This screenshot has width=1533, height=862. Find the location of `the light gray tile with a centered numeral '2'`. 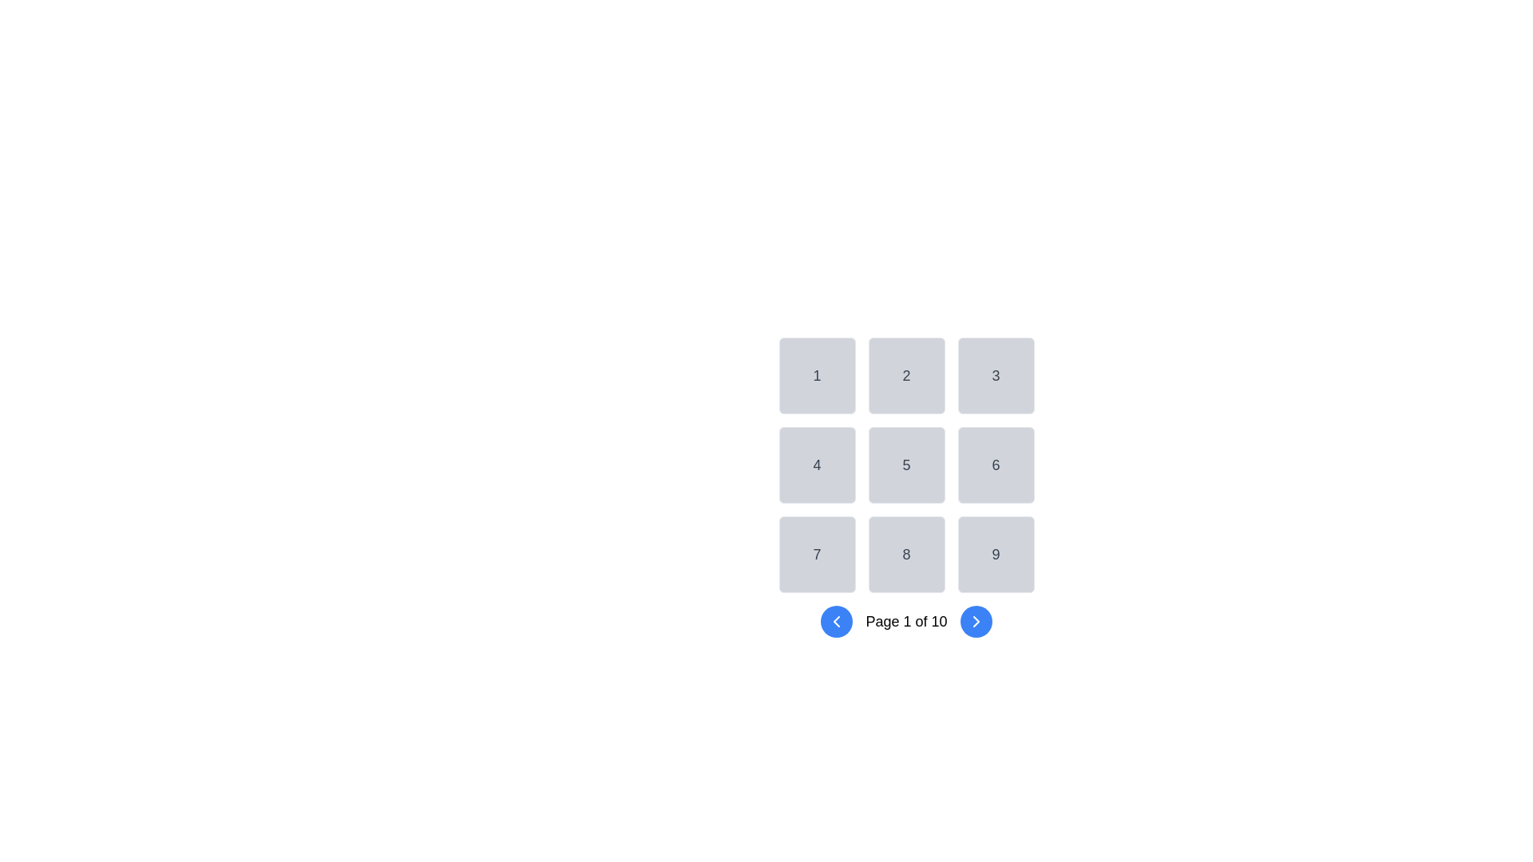

the light gray tile with a centered numeral '2' is located at coordinates (906, 375).